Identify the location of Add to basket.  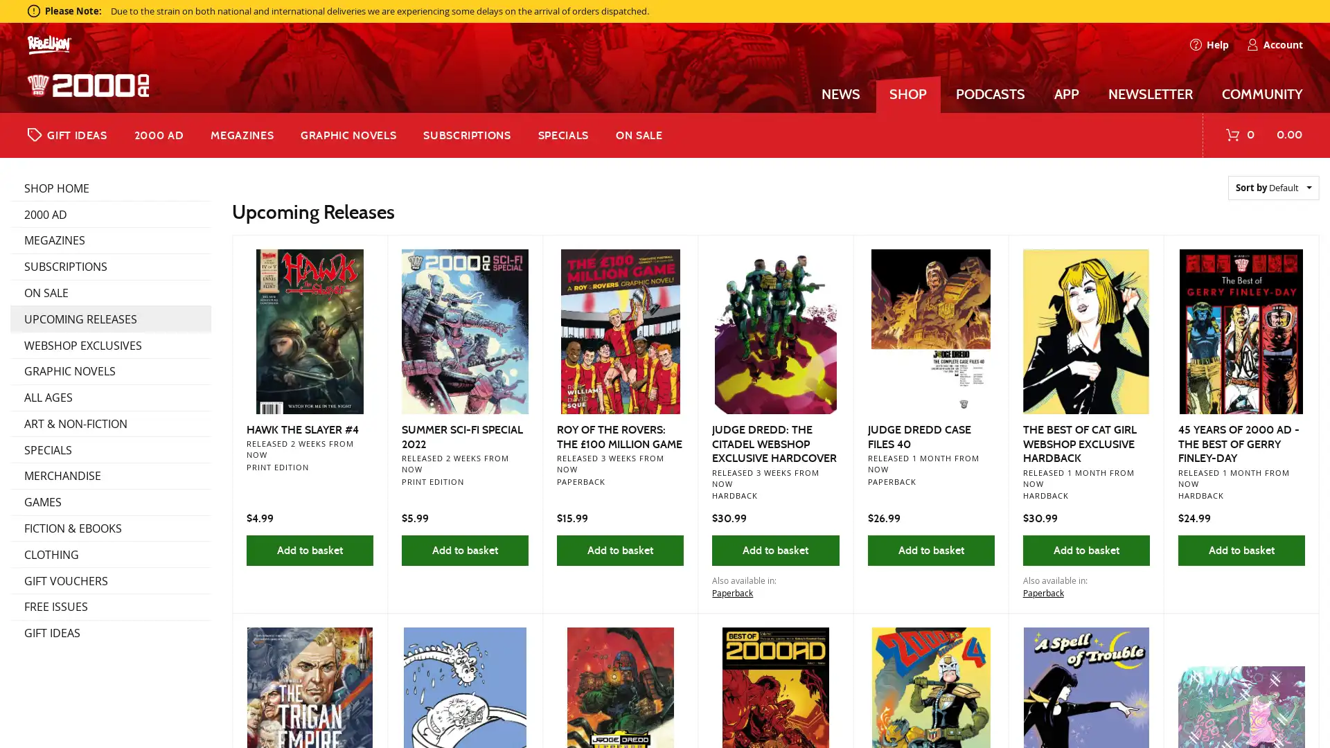
(1085, 549).